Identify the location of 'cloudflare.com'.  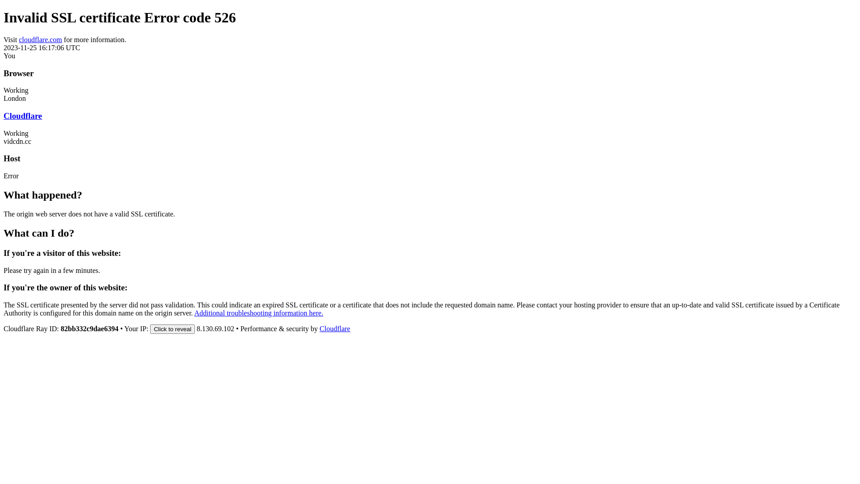
(19, 39).